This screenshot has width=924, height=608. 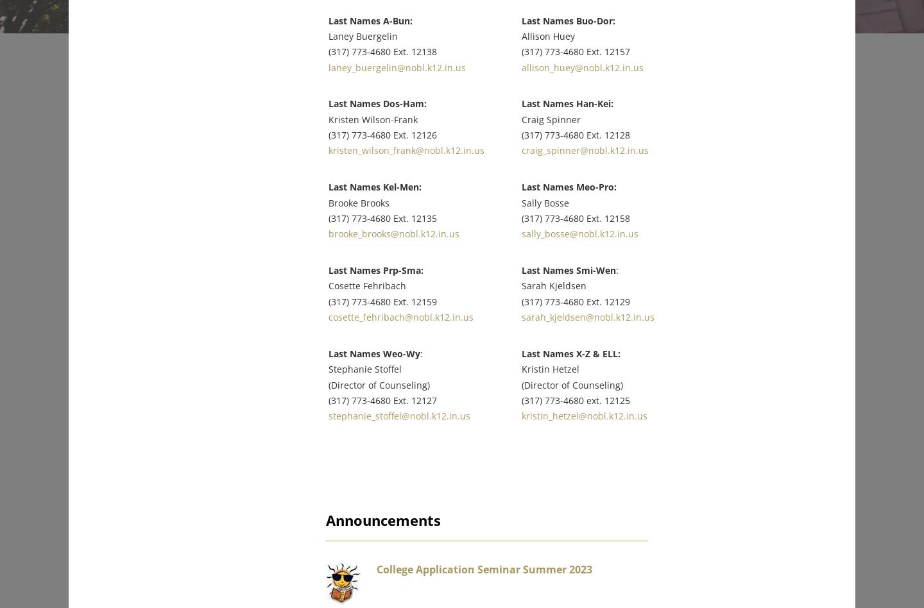 What do you see at coordinates (535, 110) in the screenshot?
I see `'Craig Spinner'` at bounding box center [535, 110].